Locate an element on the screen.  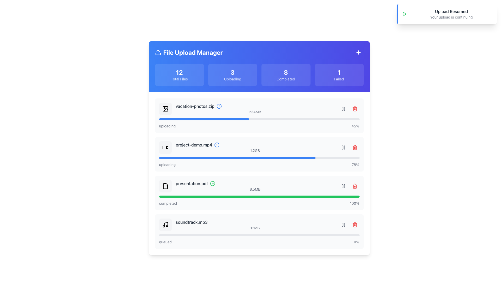
the progress bar is located at coordinates (179, 119).